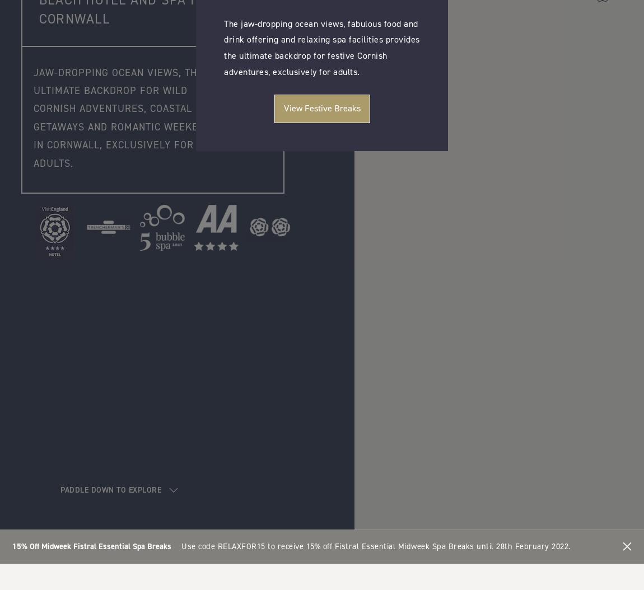 This screenshot has width=644, height=590. Describe the element at coordinates (321, 107) in the screenshot. I see `'View Festive Breaks'` at that location.